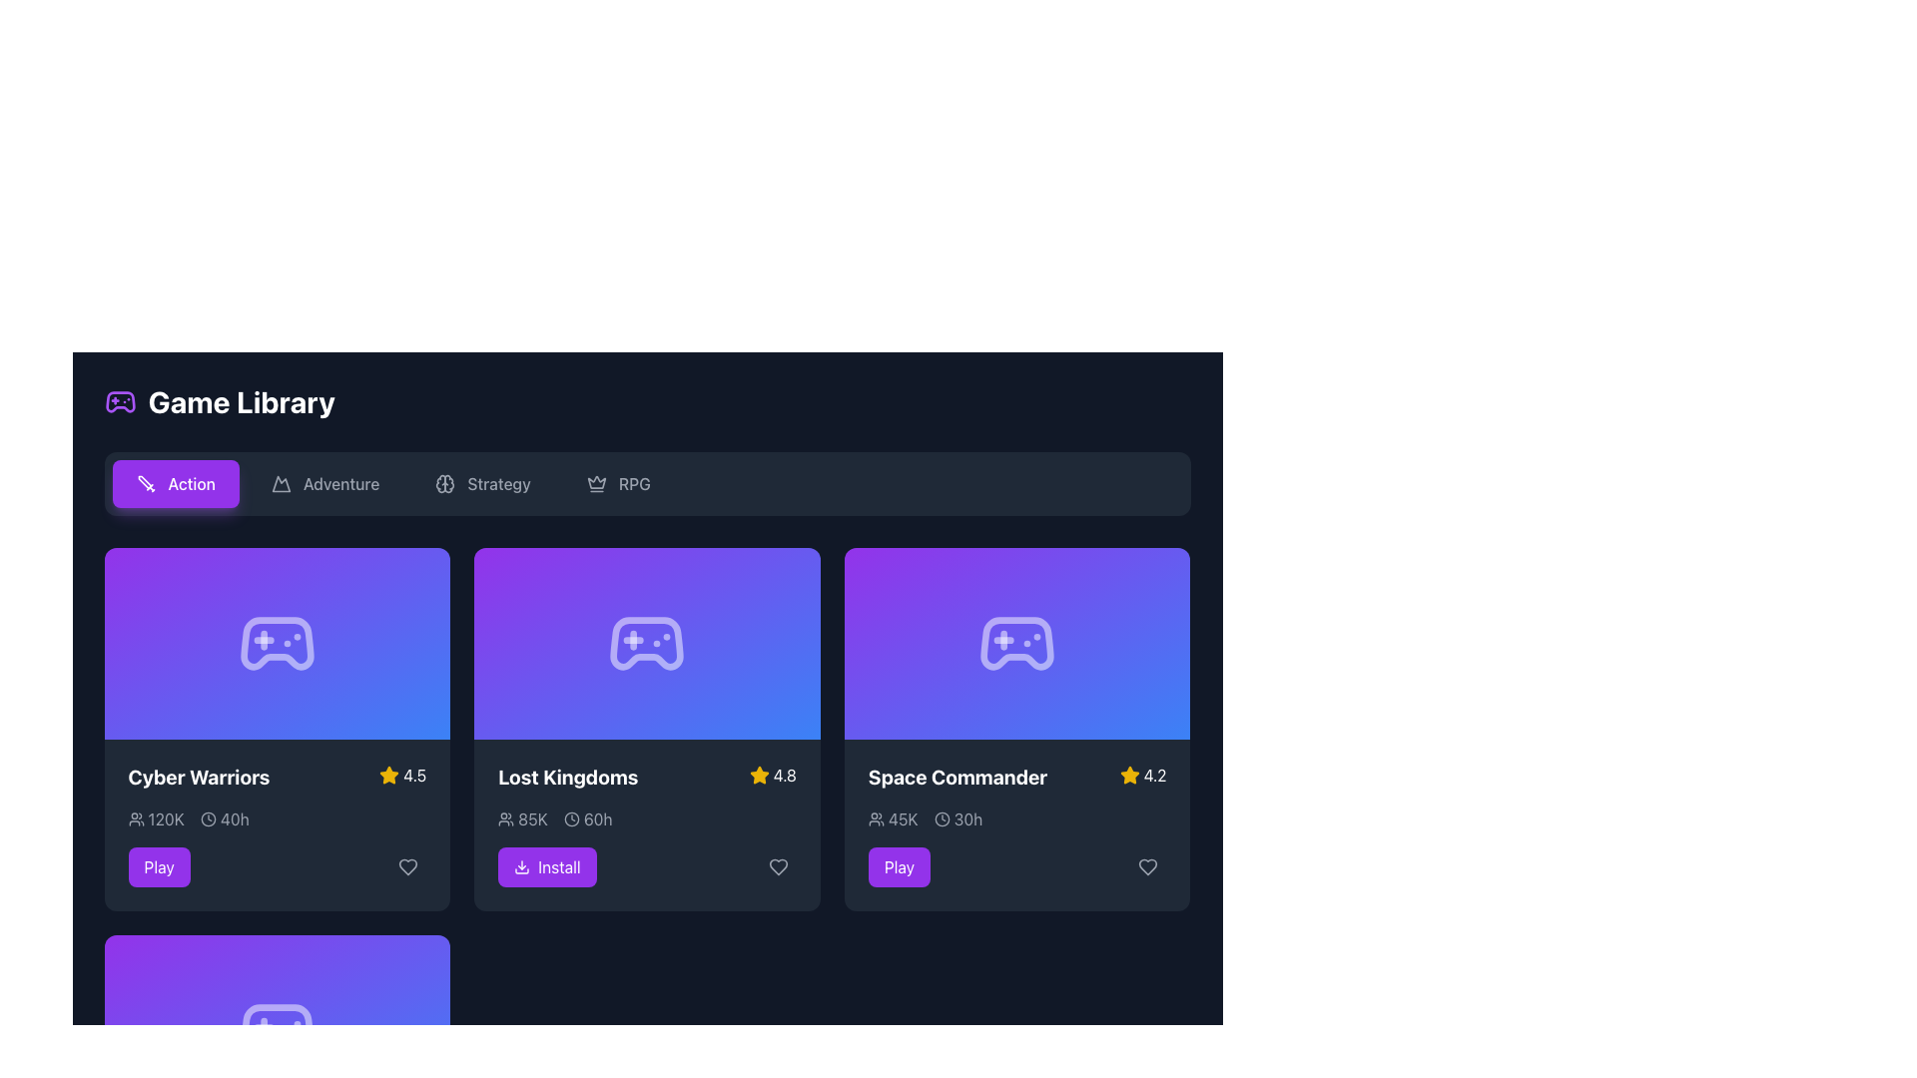 The width and height of the screenshot is (1917, 1078). Describe the element at coordinates (1017, 643) in the screenshot. I see `the gamepad icon representing 'Space Commander'` at that location.